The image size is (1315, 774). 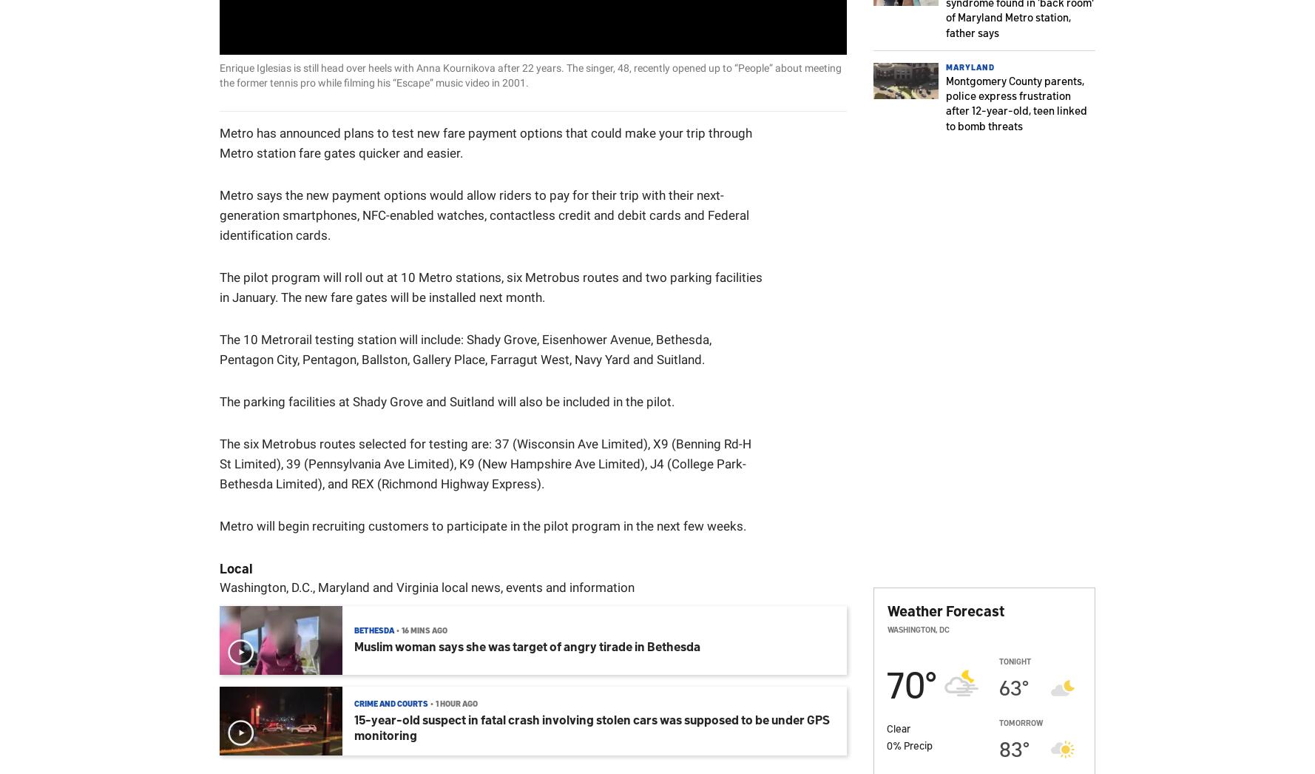 I want to click on 'Metro has announced plans to test new fare payment options that could make your trip through Metro station fare gates quicker and easier.', so click(x=485, y=142).